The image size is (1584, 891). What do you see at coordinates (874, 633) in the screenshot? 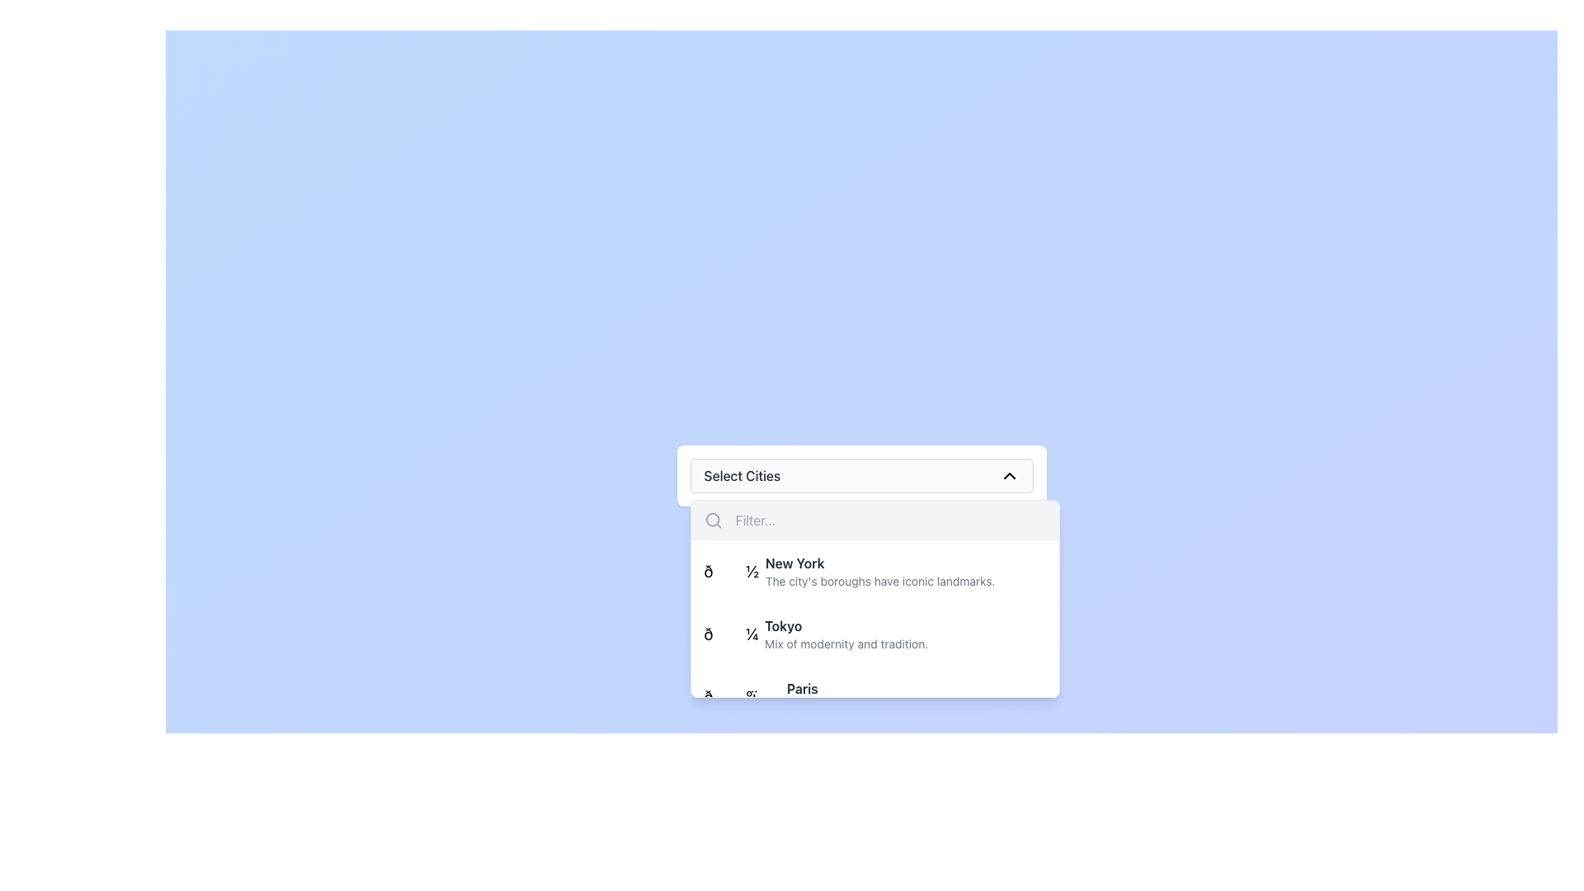
I see `the second list item in the 'Select Cities' dropdown menu, which represents the city of Tokyo` at bounding box center [874, 633].